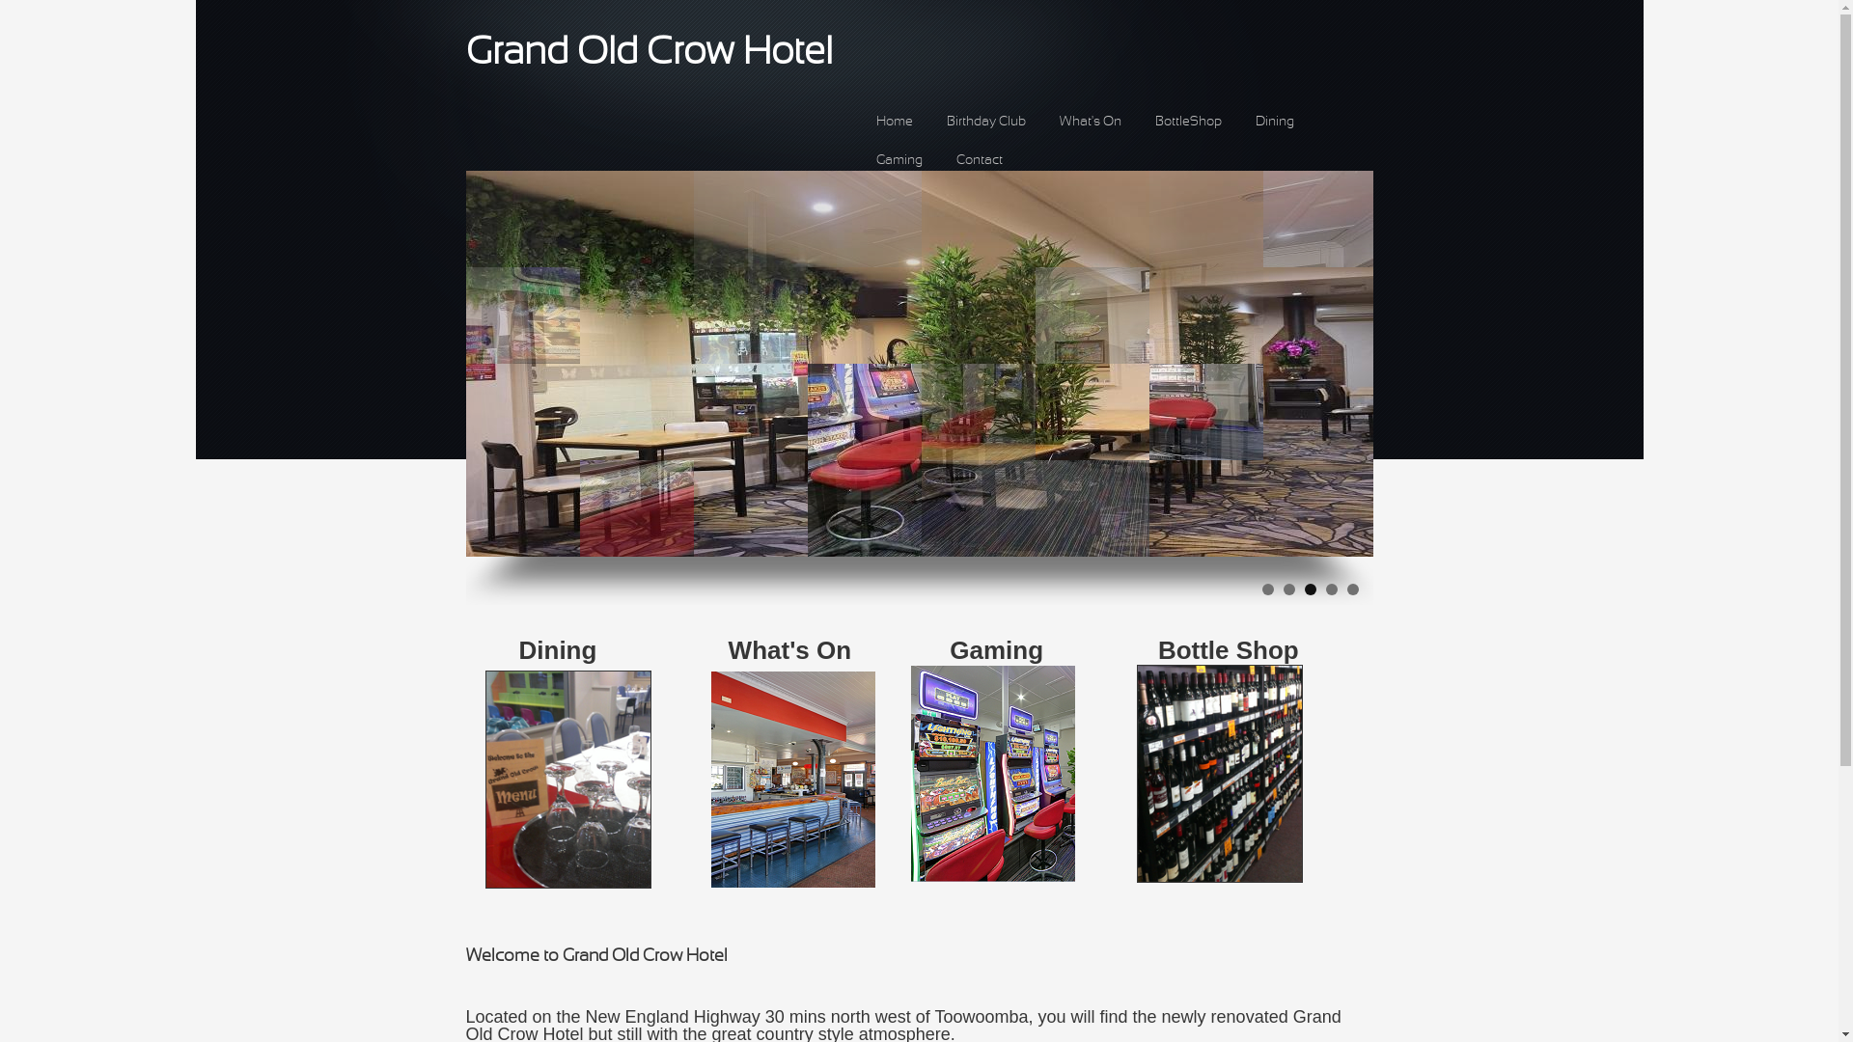  I want to click on 'Dining', so click(1245, 123).